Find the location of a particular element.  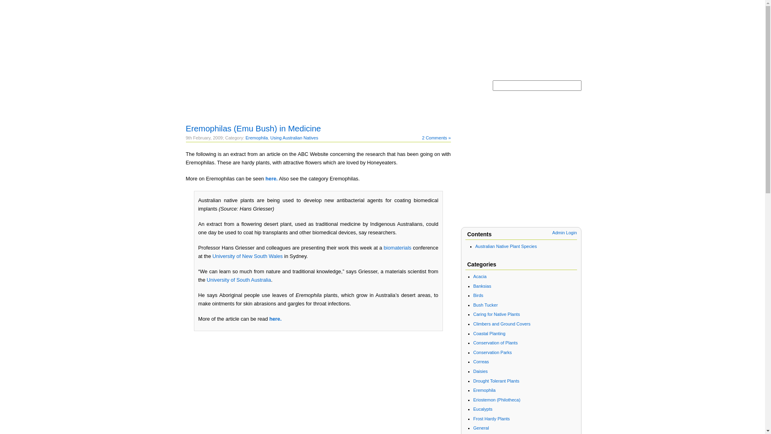

'Eremophila' is located at coordinates (256, 137).